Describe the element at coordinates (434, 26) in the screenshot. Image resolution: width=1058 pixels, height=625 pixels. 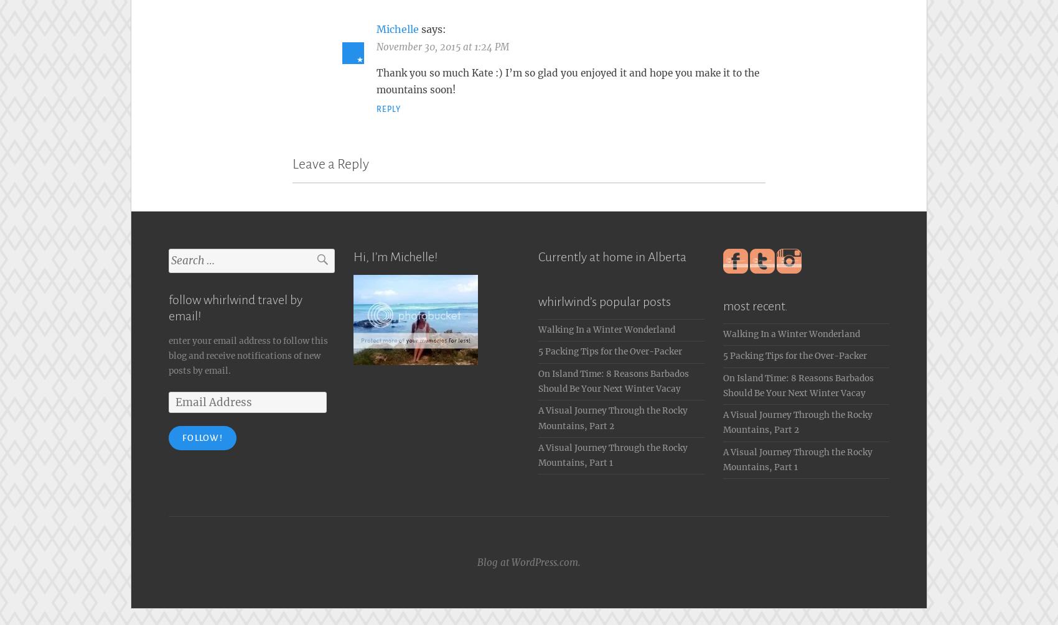
I see `'says:'` at that location.